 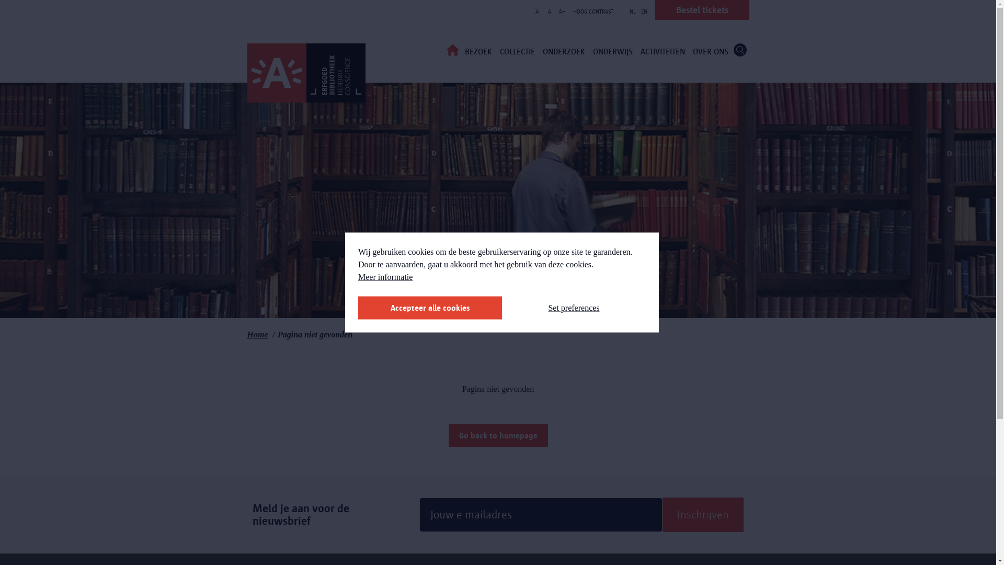 What do you see at coordinates (430, 307) in the screenshot?
I see `'Accepteer alle cookies'` at bounding box center [430, 307].